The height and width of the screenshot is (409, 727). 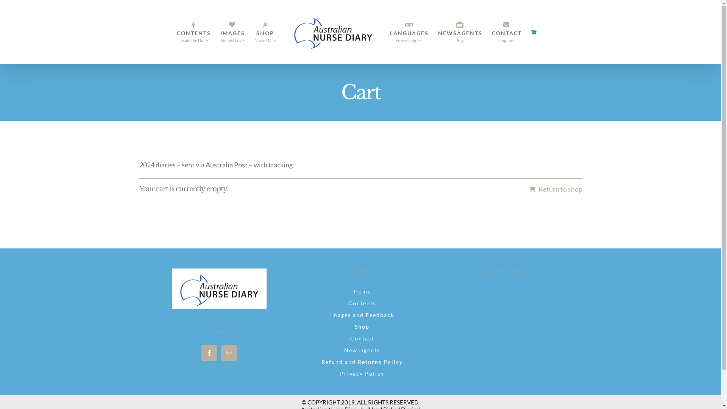 I want to click on 'Contents', so click(x=360, y=303).